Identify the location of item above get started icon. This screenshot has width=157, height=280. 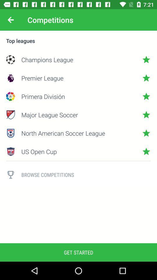
(10, 175).